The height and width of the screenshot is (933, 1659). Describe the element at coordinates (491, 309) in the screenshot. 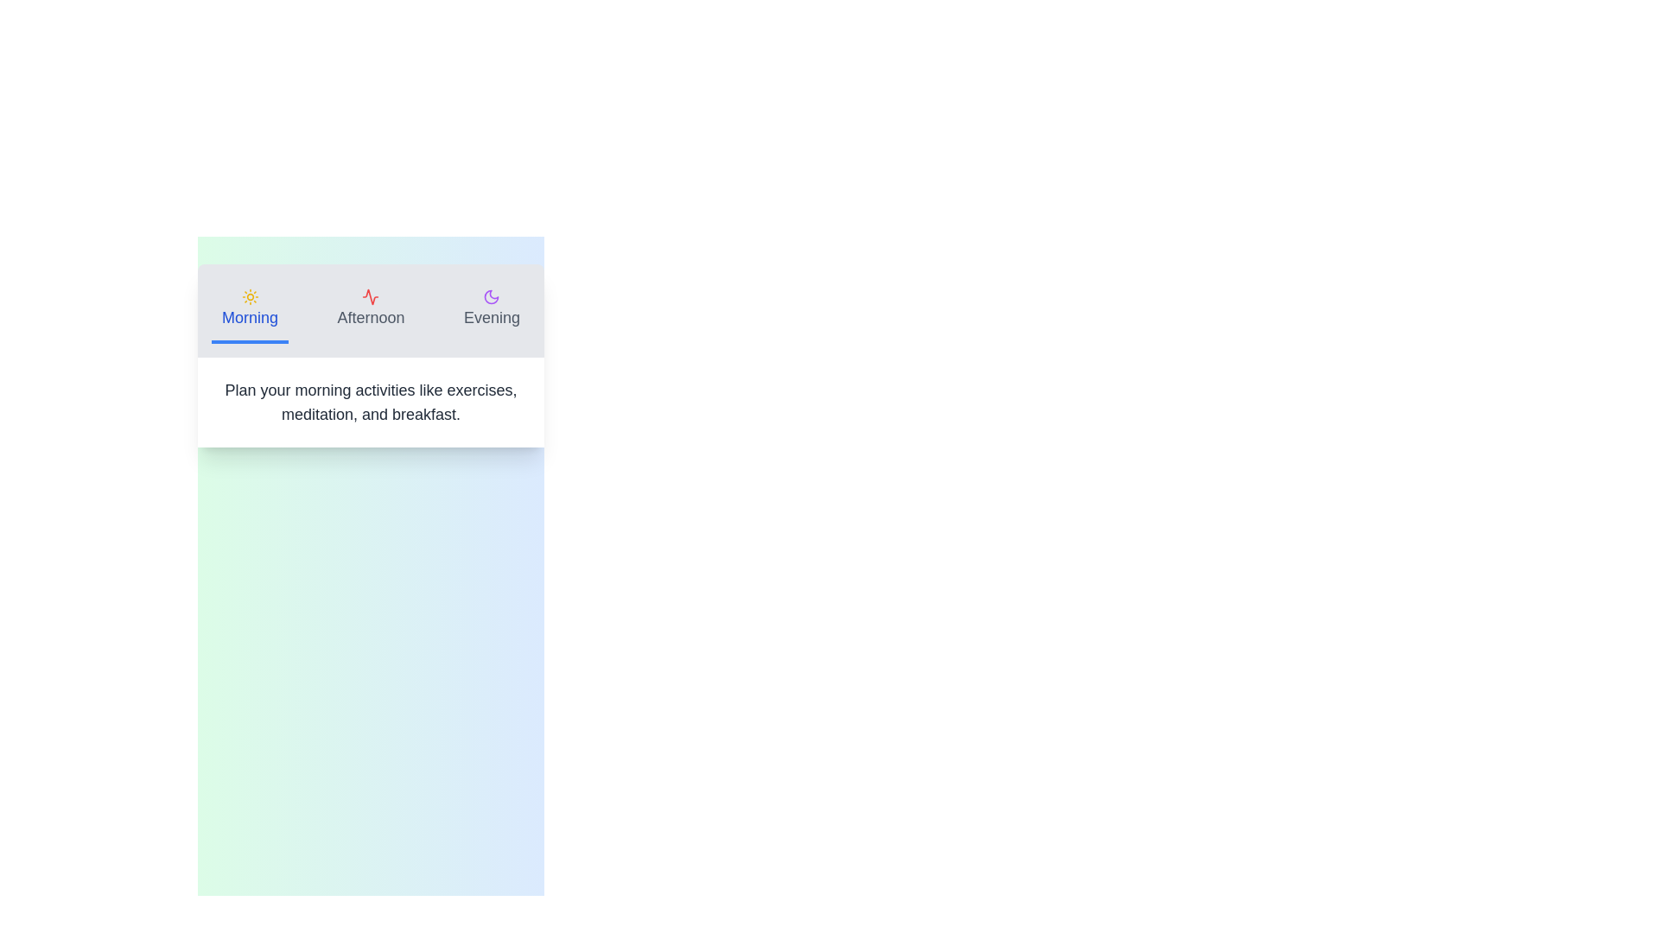

I see `the Evening tab by clicking on its button` at that location.